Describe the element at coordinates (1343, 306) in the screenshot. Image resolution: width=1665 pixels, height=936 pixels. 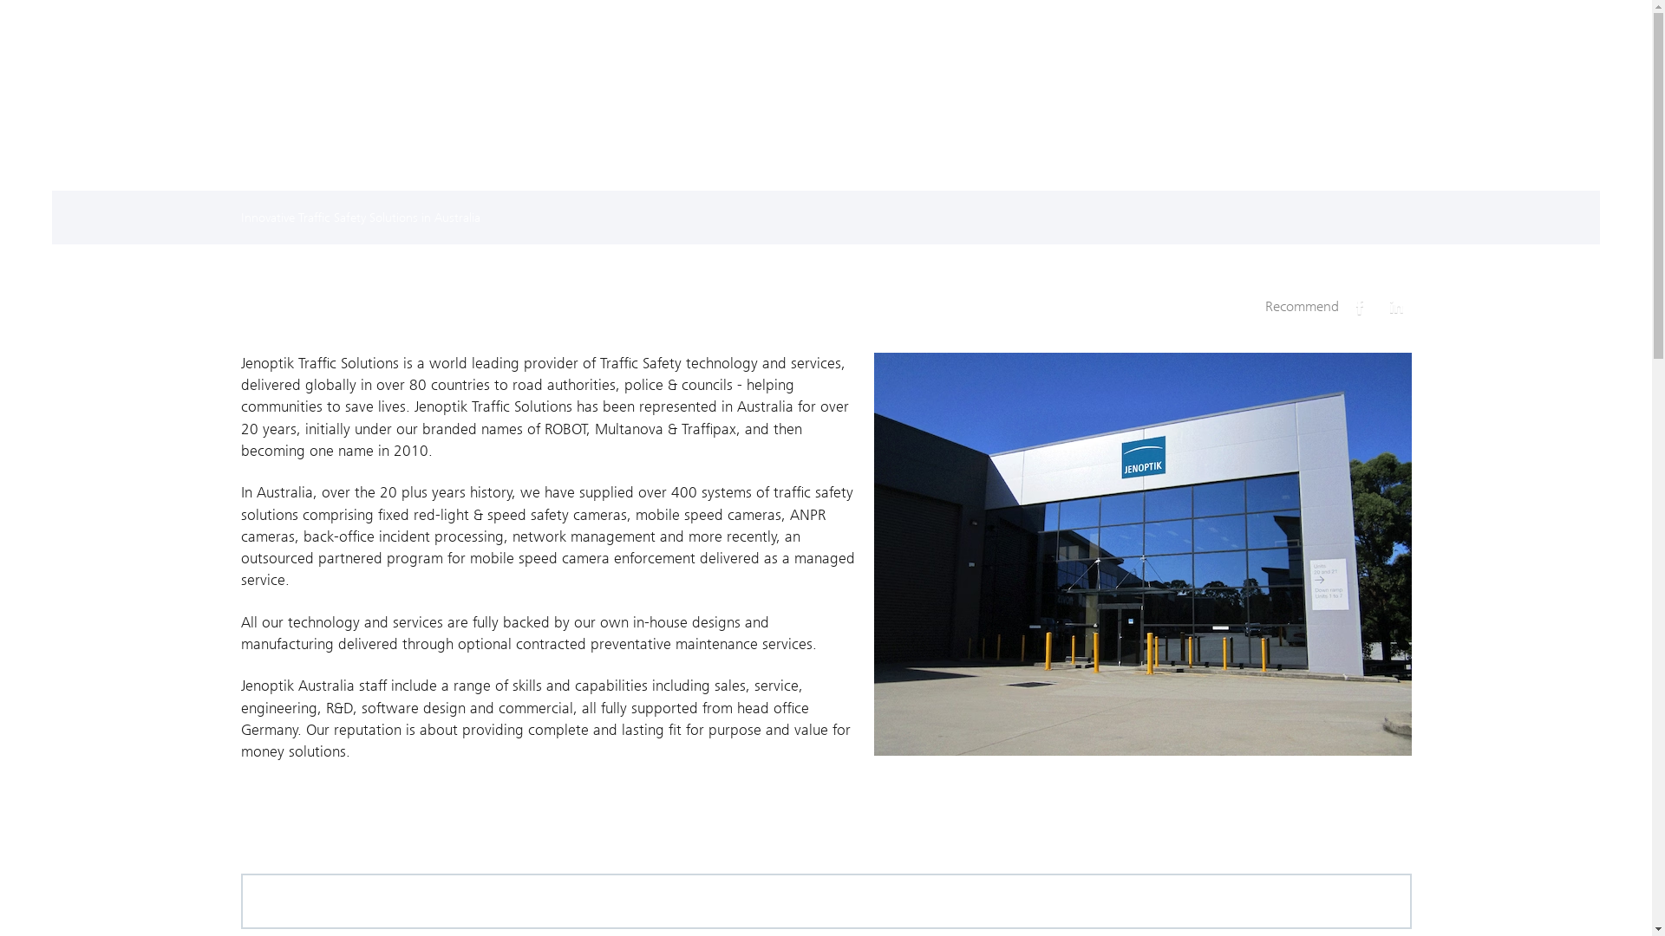
I see `'Facebook'` at that location.